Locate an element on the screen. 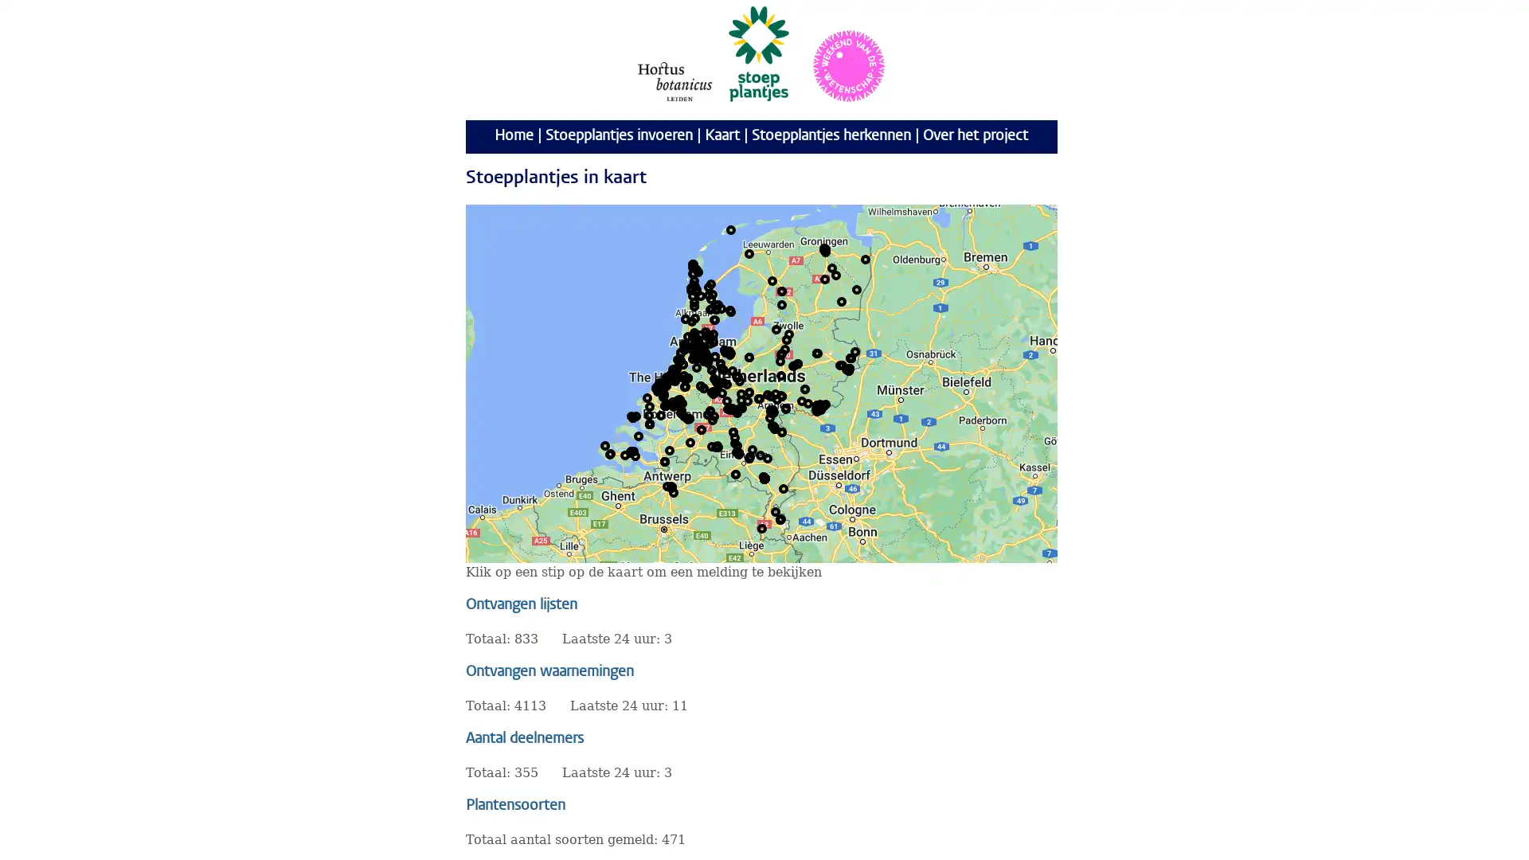  Telling van op 13 januari 2022 is located at coordinates (692, 334).